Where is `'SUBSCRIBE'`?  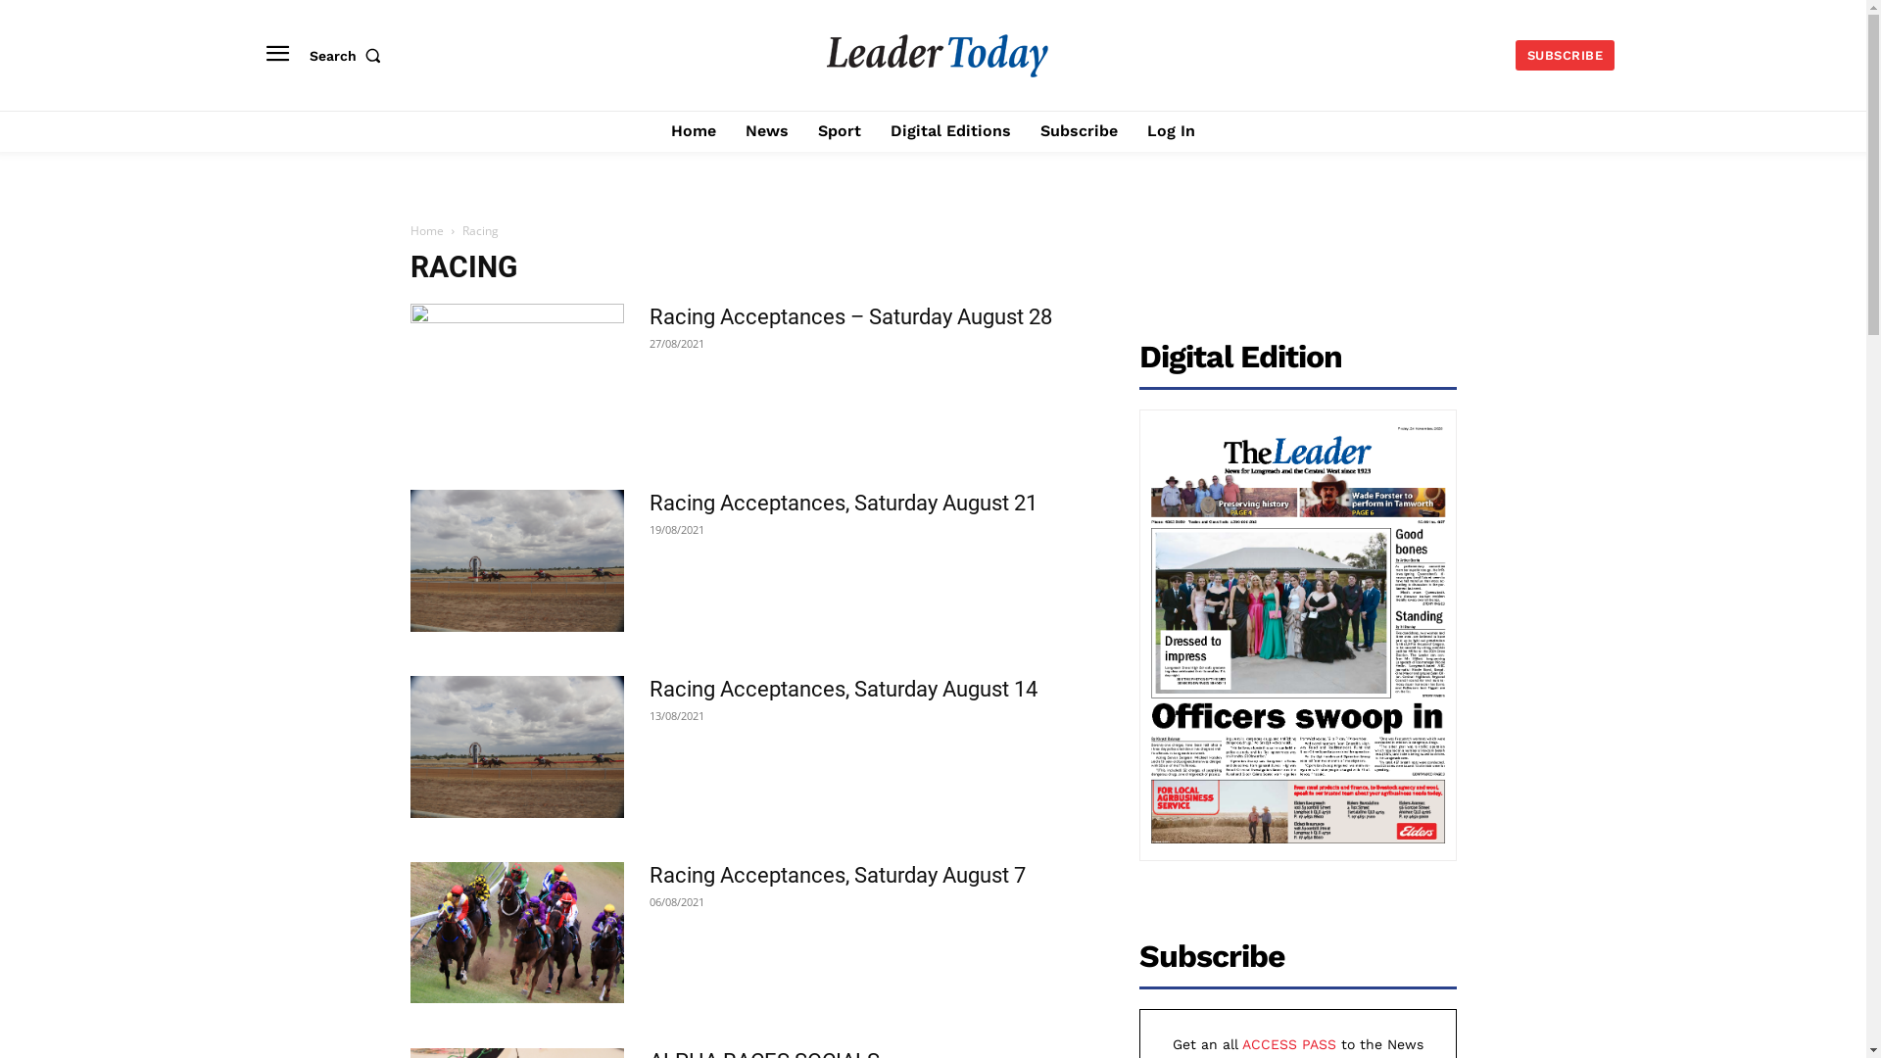
'SUBSCRIBE' is located at coordinates (1514, 54).